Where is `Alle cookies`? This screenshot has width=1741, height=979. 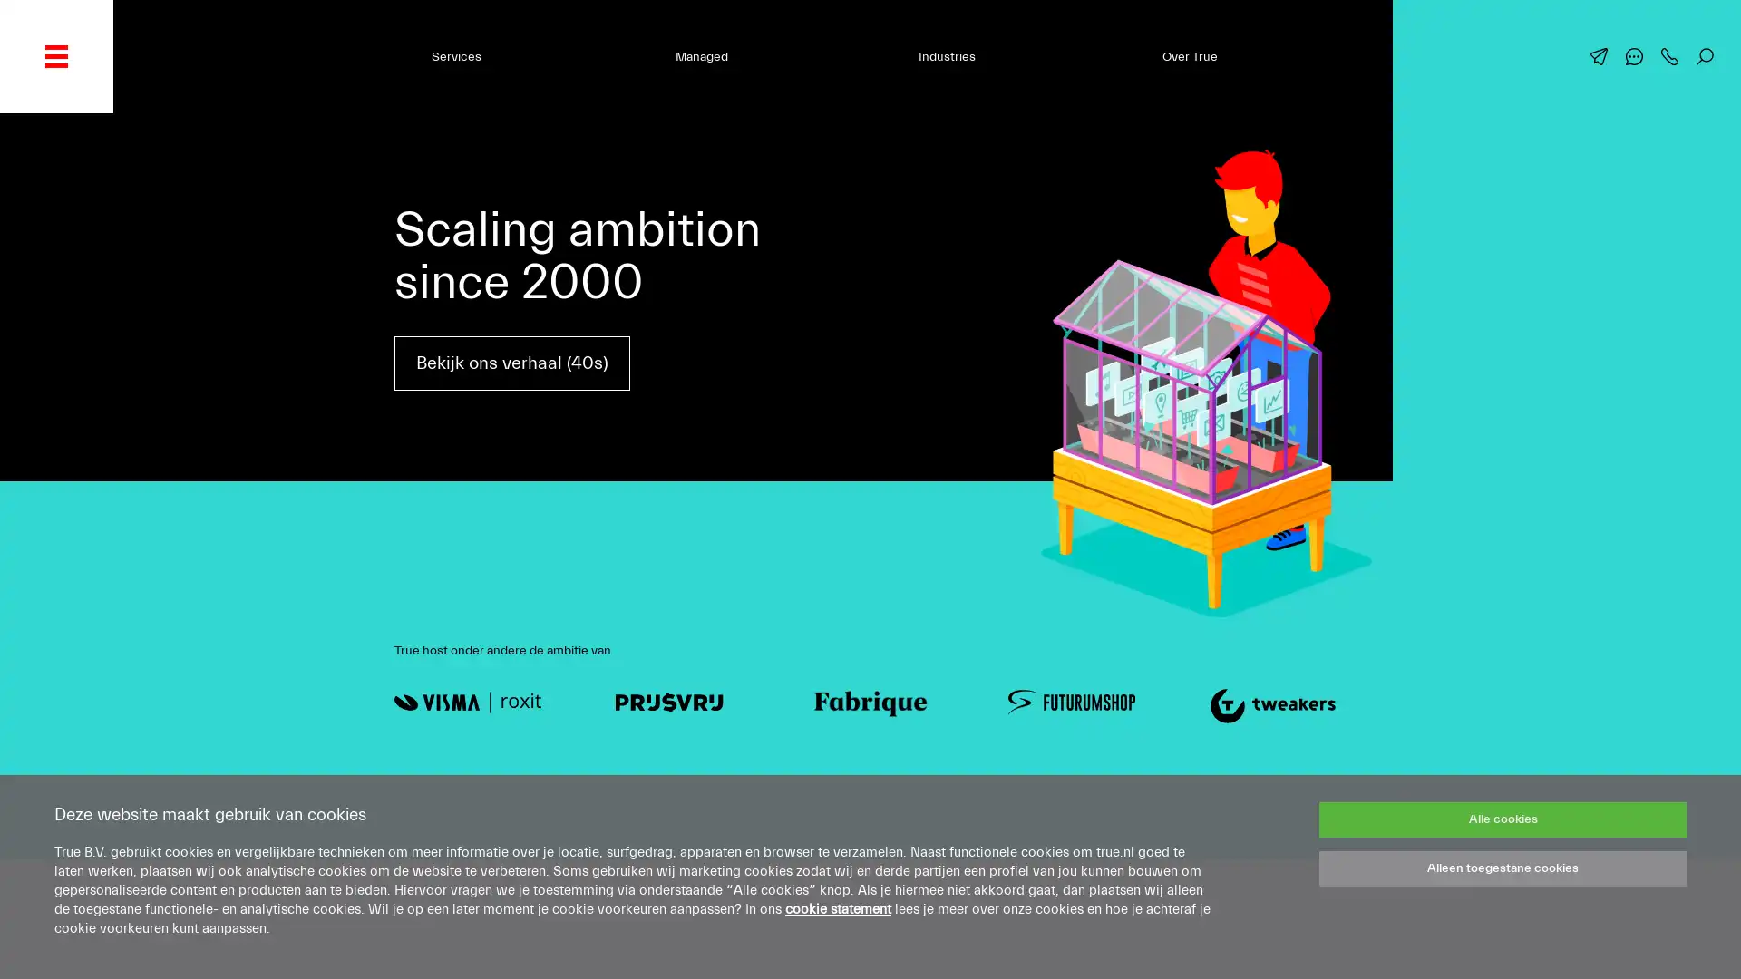
Alle cookies is located at coordinates (1503, 810).